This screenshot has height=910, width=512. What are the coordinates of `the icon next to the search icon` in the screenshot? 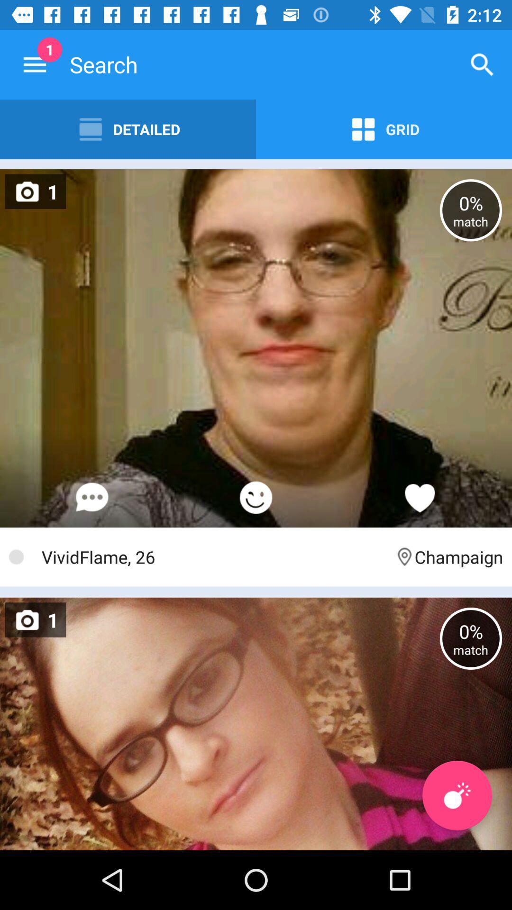 It's located at (482, 64).